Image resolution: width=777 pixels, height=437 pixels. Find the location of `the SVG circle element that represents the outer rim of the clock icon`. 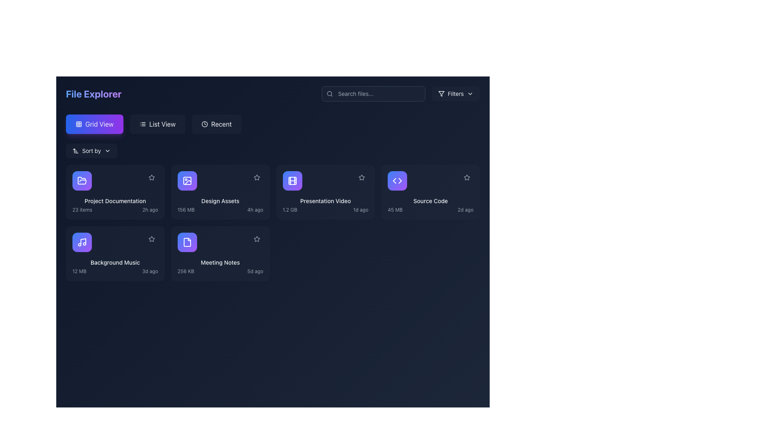

the SVG circle element that represents the outer rim of the clock icon is located at coordinates (204, 124).